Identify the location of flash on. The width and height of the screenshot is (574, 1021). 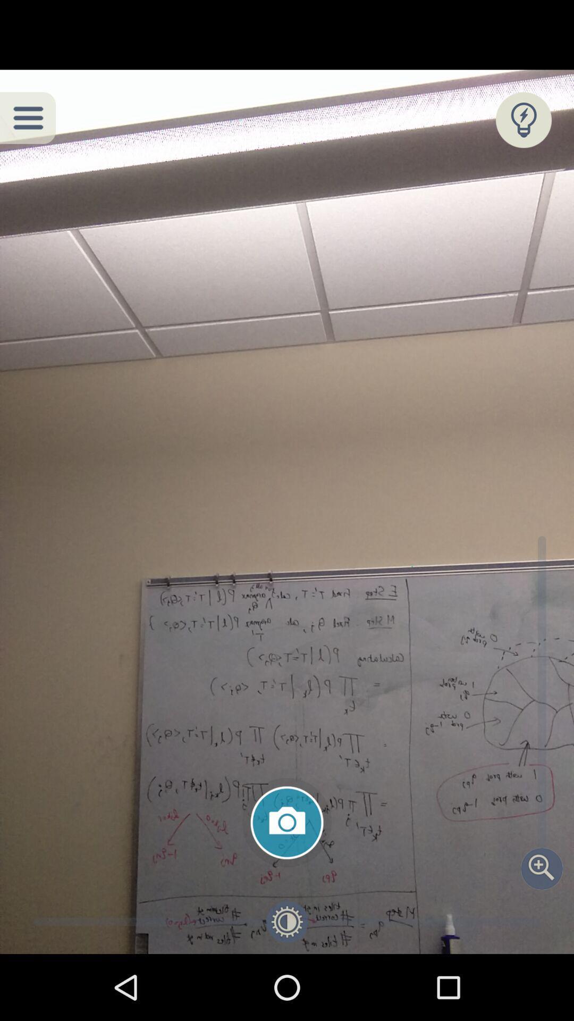
(523, 120).